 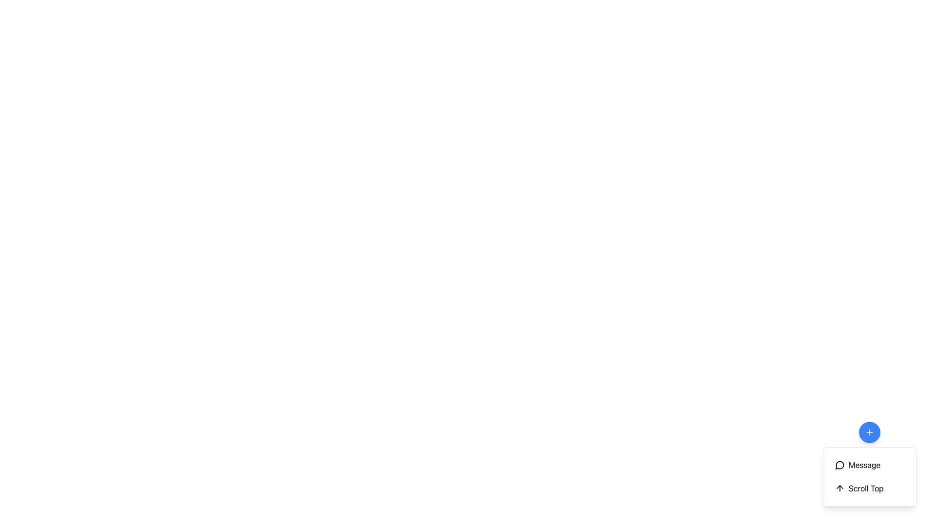 What do you see at coordinates (870, 465) in the screenshot?
I see `the 'Message' button, which is a horizontally laid-out component featuring a black speech bubble icon followed by the text 'Message'` at bounding box center [870, 465].